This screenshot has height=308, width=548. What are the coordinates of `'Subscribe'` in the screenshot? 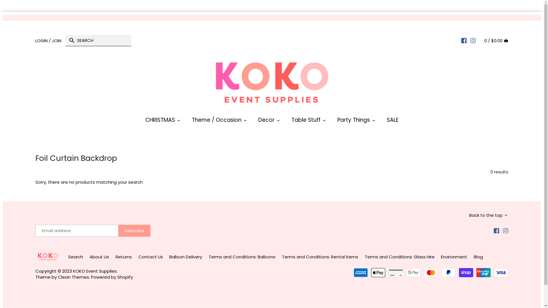 It's located at (134, 230).